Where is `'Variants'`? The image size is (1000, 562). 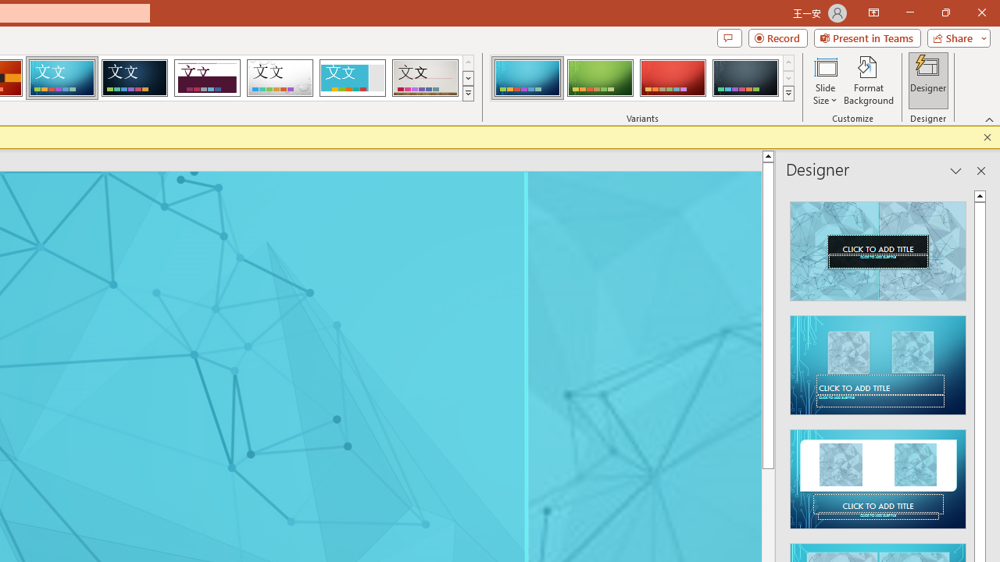
'Variants' is located at coordinates (788, 94).